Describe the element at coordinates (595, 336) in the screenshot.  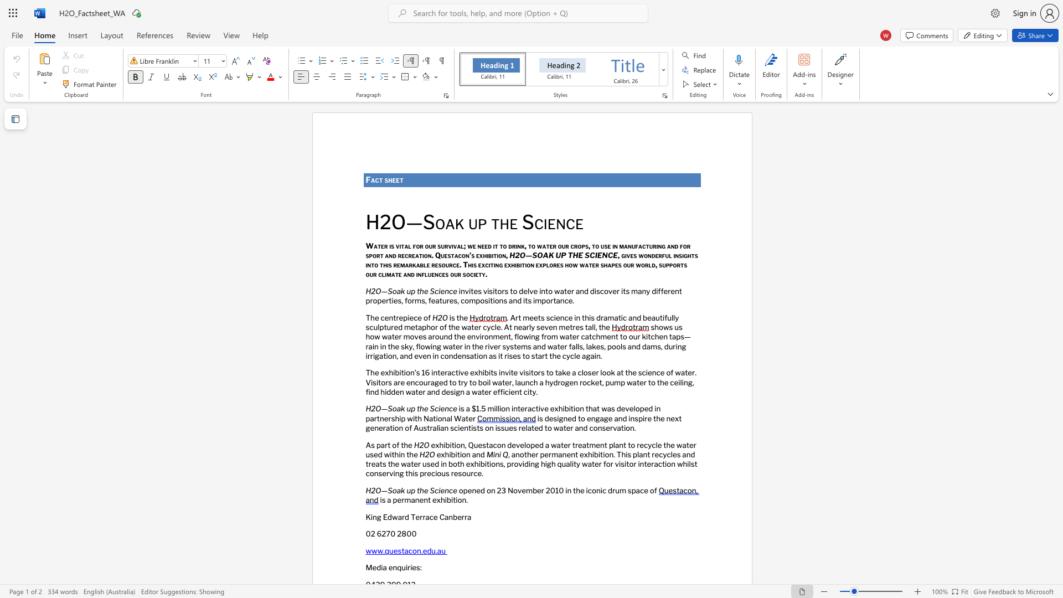
I see `the subset text "hment to our kitchen" within the text "shows us how water moves around the environment, flowing from water catchment to our kitchen taps"` at that location.